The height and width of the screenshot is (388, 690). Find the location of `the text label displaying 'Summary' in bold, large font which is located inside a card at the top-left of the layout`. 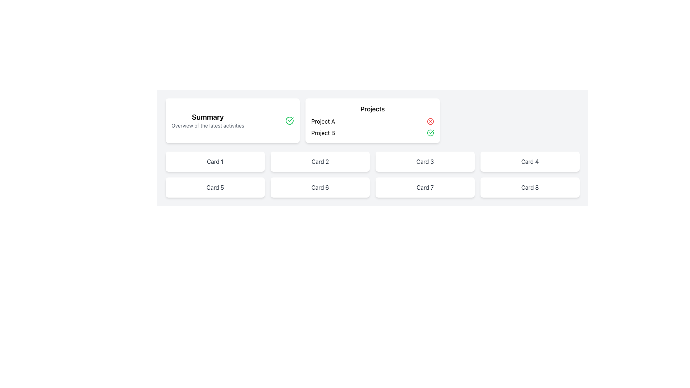

the text label displaying 'Summary' in bold, large font which is located inside a card at the top-left of the layout is located at coordinates (207, 117).